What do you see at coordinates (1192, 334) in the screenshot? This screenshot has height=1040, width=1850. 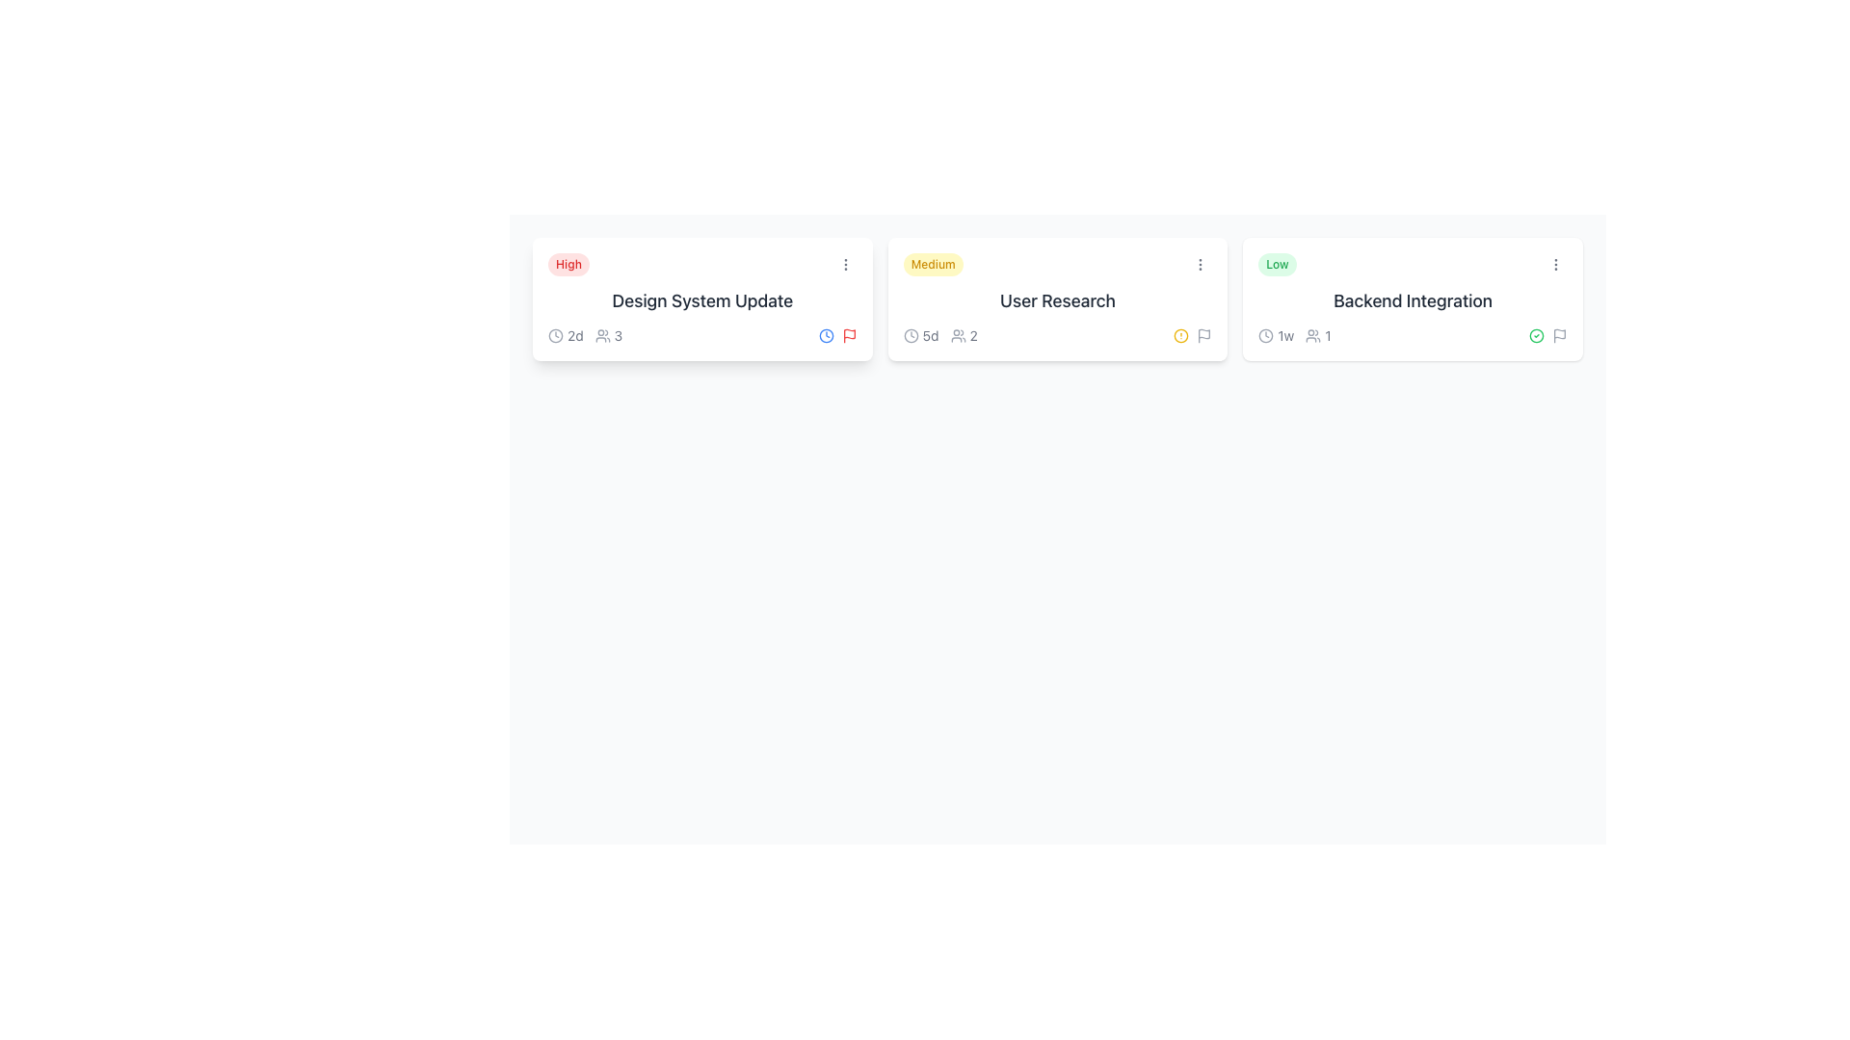 I see `the Status indicator containing a yellow exclamation mark and a pale gray flag by clicking on each icon individually` at bounding box center [1192, 334].